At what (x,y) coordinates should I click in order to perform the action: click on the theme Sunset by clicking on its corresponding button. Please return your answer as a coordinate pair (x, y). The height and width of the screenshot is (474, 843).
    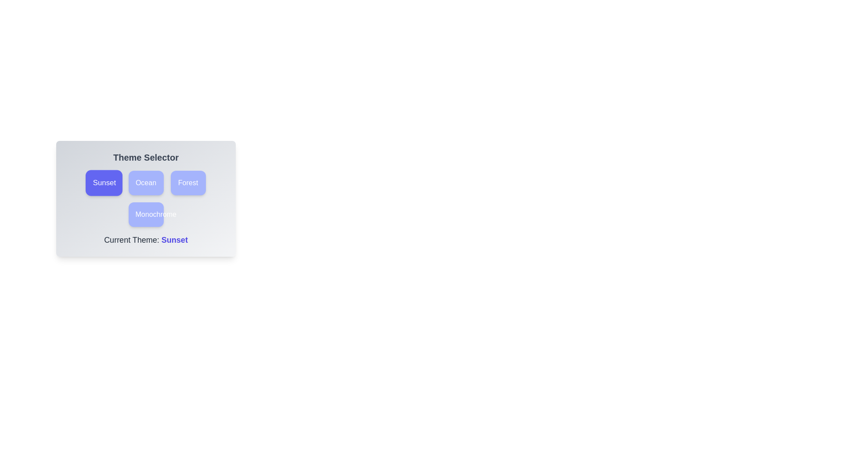
    Looking at the image, I should click on (104, 182).